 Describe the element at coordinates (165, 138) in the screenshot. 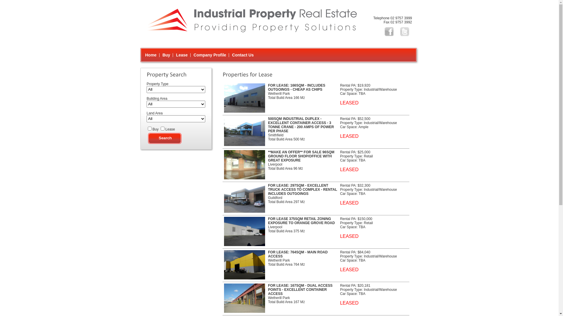

I see `'Search'` at that location.